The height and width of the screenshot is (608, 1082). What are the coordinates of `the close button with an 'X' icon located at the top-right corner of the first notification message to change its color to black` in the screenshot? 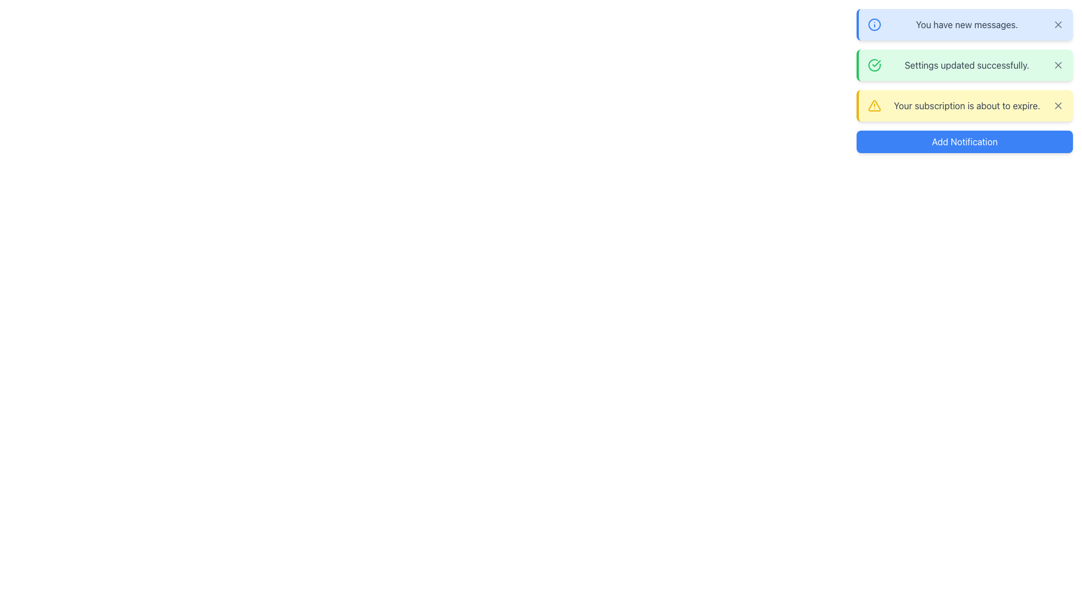 It's located at (1057, 24).